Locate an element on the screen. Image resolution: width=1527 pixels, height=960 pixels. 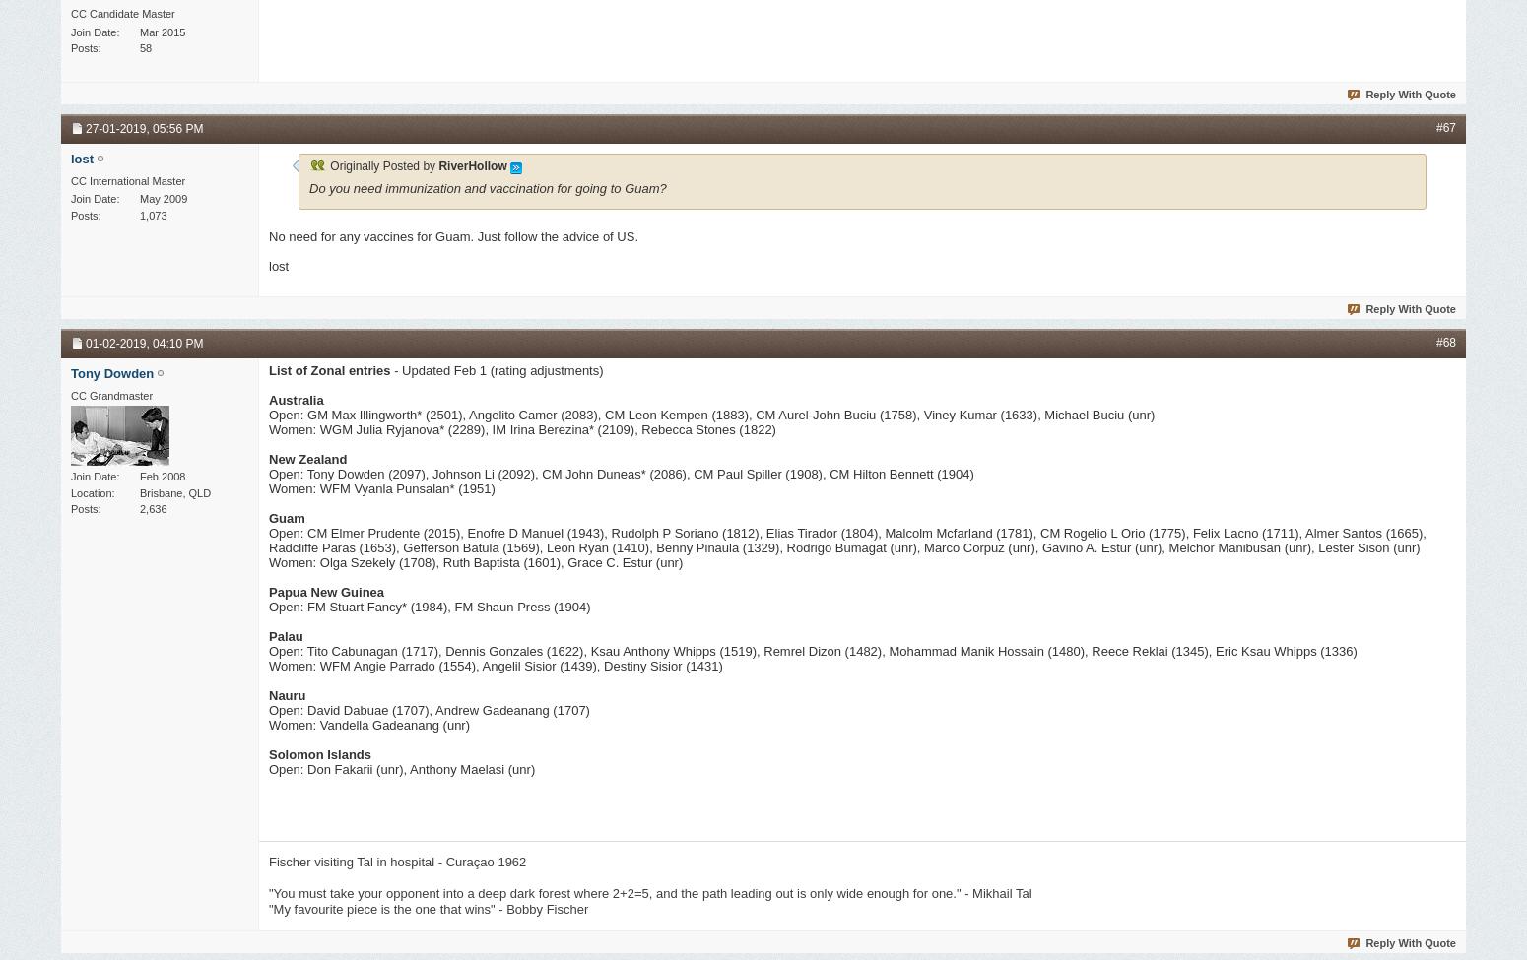
'CC International Master' is located at coordinates (70, 179).